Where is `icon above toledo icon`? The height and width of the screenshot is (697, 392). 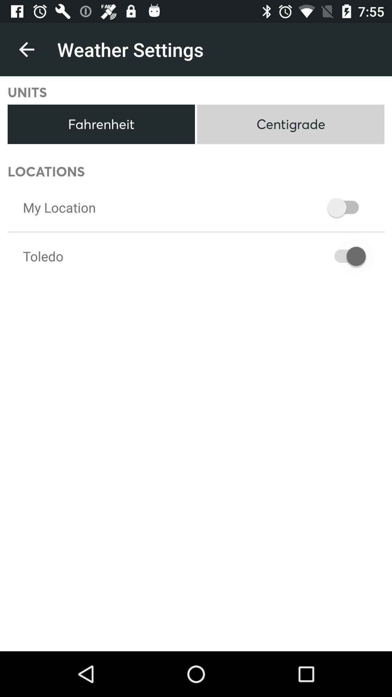
icon above toledo icon is located at coordinates (59, 207).